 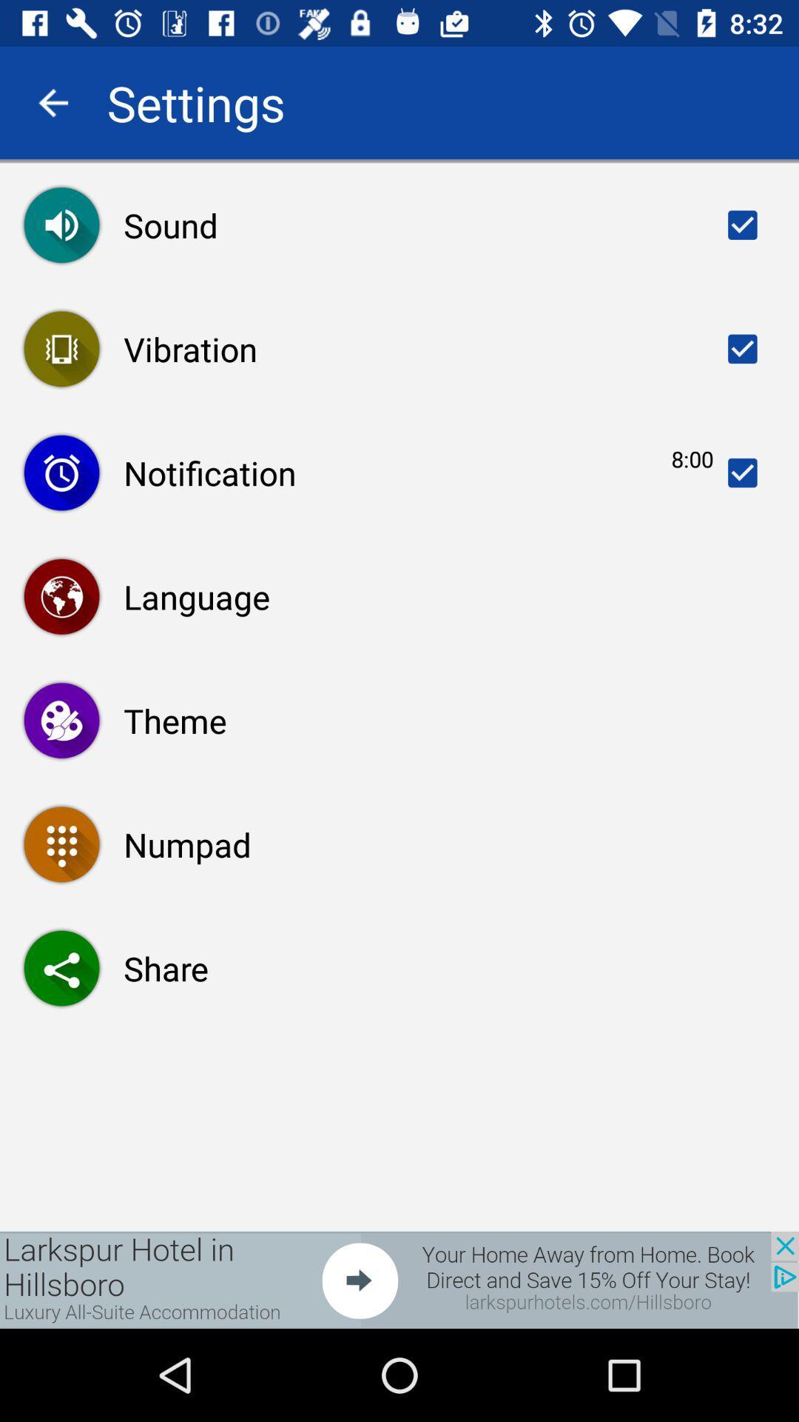 What do you see at coordinates (742, 472) in the screenshot?
I see `turn off notifications` at bounding box center [742, 472].